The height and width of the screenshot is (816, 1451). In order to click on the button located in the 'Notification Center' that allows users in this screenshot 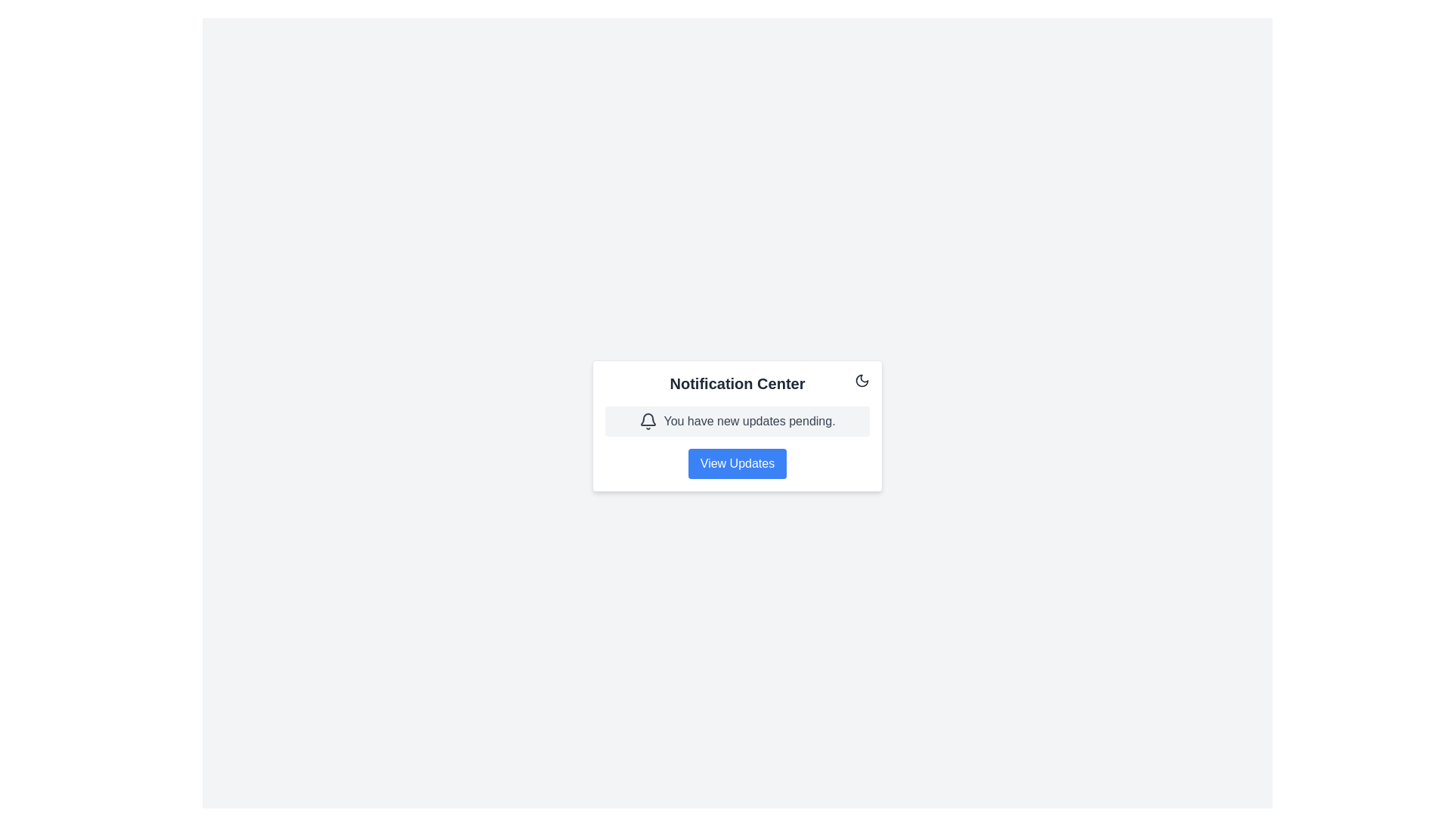, I will do `click(737, 462)`.